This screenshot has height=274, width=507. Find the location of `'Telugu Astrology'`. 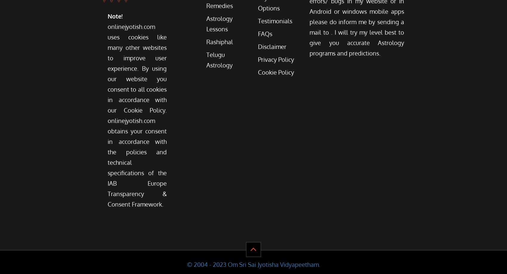

'Telugu Astrology' is located at coordinates (219, 60).